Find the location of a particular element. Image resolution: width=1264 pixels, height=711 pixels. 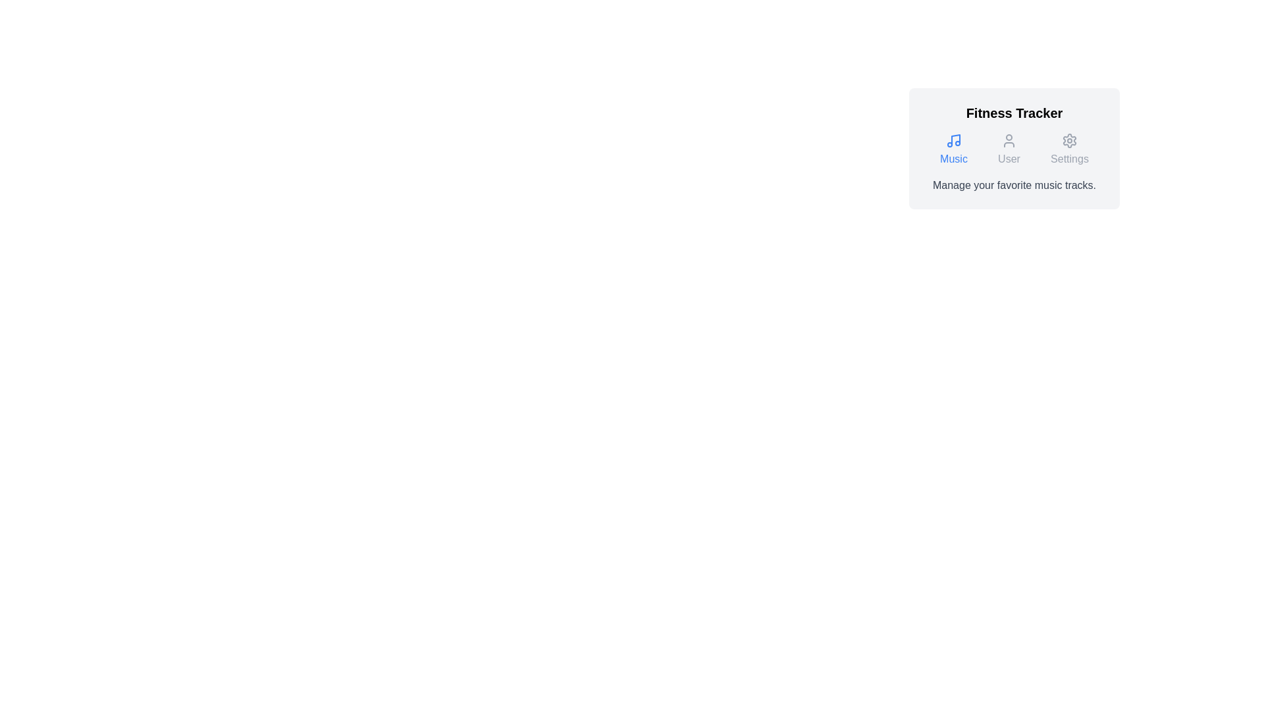

the 'Settings' button located at the rightmost position among the three options ('Music', 'User', 'Settings') under the 'Fitness Tracker' title is located at coordinates (1069, 149).